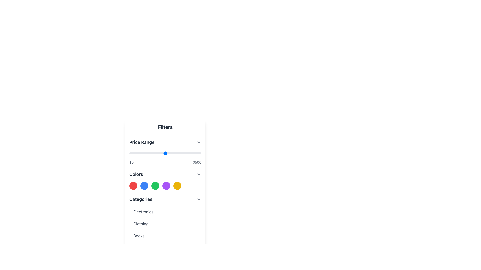  Describe the element at coordinates (171, 153) in the screenshot. I see `the slider` at that location.